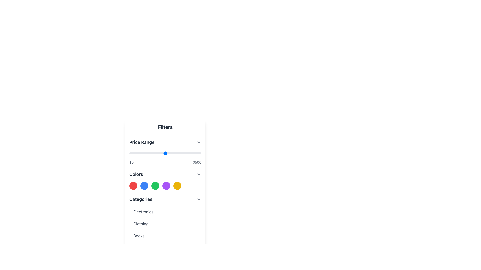  Describe the element at coordinates (171, 153) in the screenshot. I see `the slider` at that location.